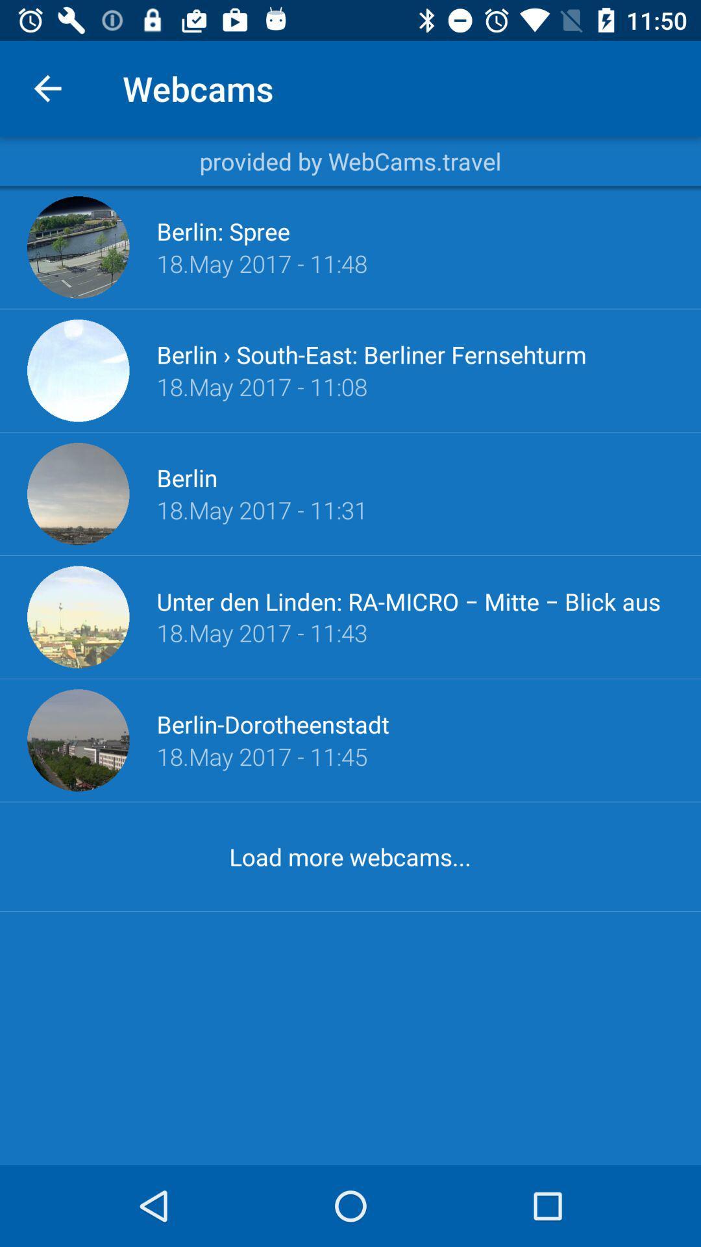  I want to click on berlin south east, so click(371, 355).